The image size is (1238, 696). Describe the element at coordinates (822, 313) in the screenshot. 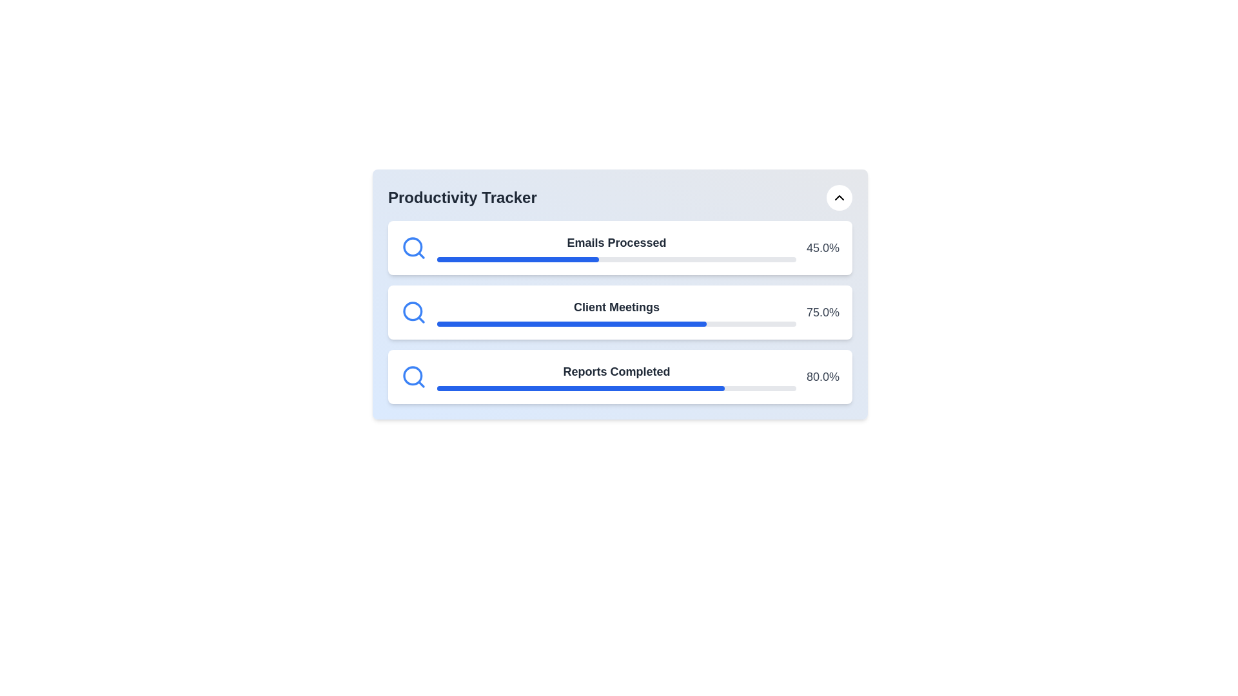

I see `the textual indicator showing the quantitative value related to 'Client Meetings'` at that location.